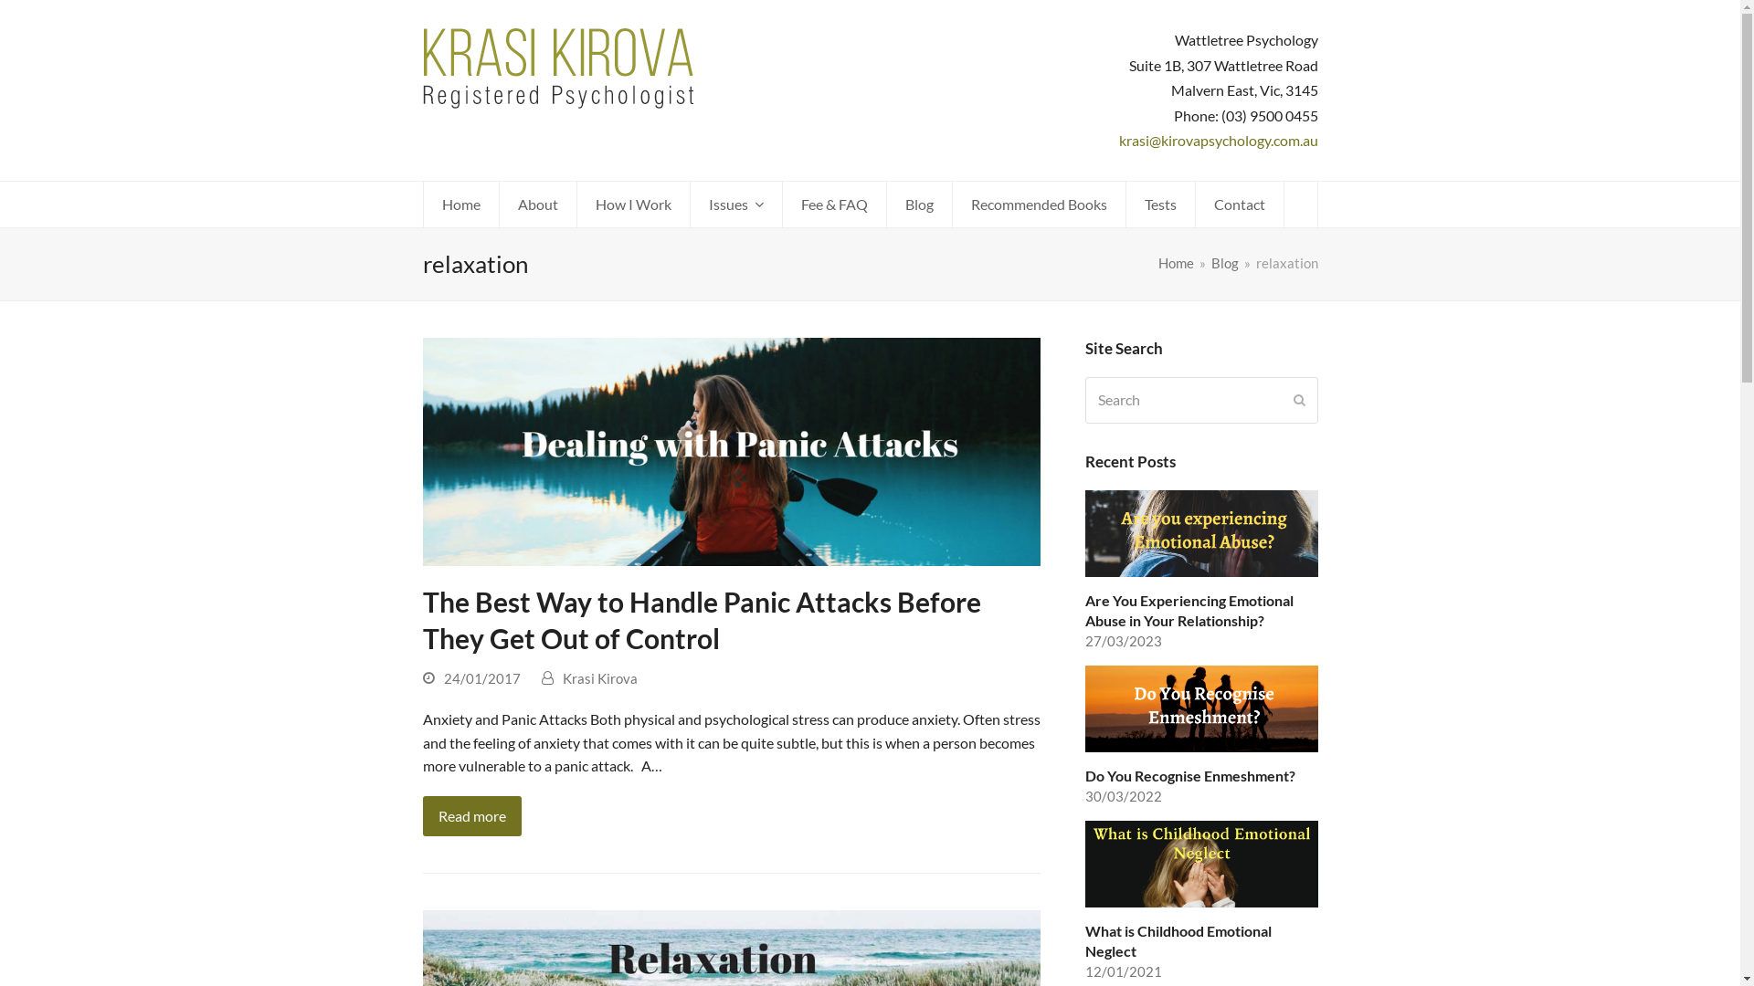 This screenshot has height=986, width=1754. I want to click on 'Issues', so click(736, 204).